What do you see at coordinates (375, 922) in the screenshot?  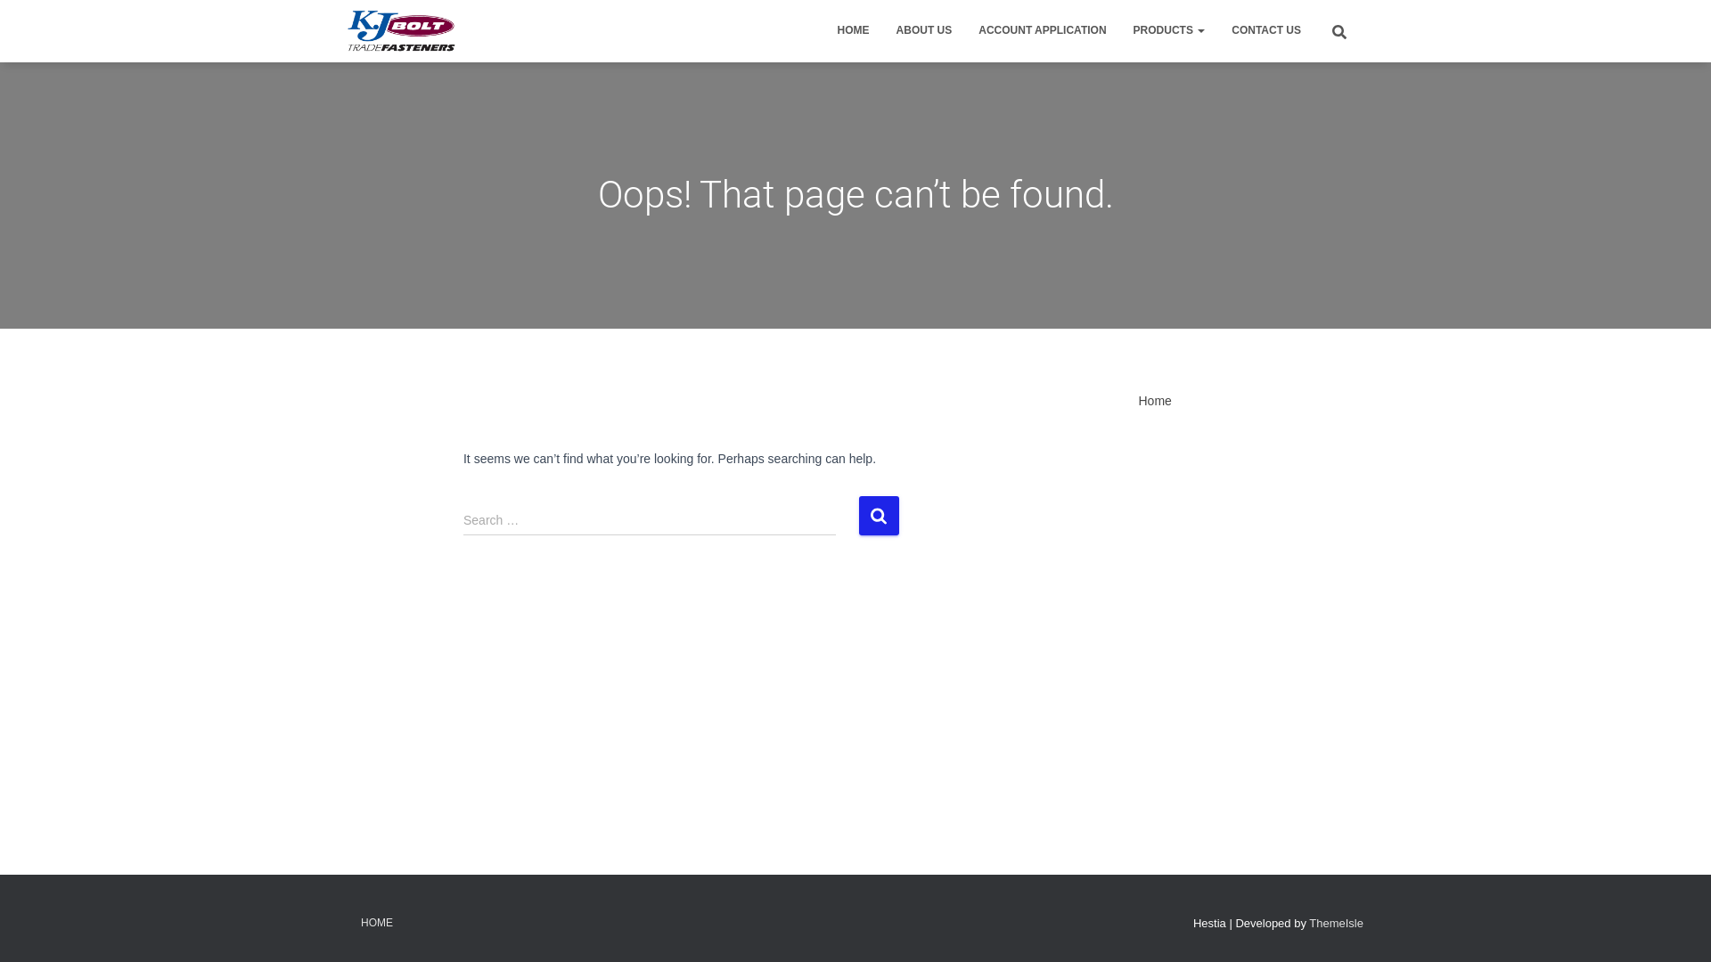 I see `'HOME'` at bounding box center [375, 922].